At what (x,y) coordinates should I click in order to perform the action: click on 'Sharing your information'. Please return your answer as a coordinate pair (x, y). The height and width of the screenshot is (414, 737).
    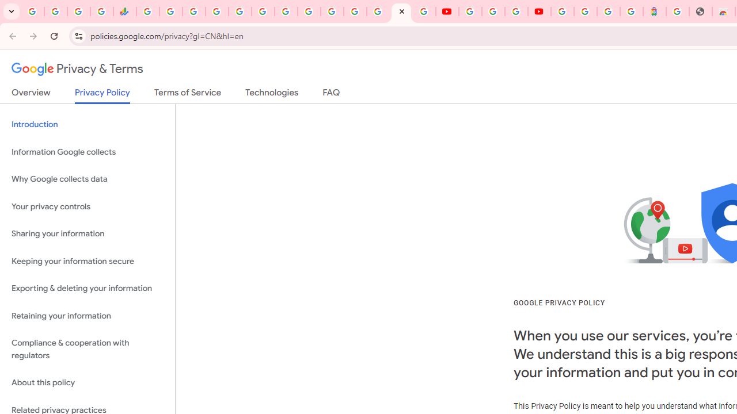
    Looking at the image, I should click on (87, 233).